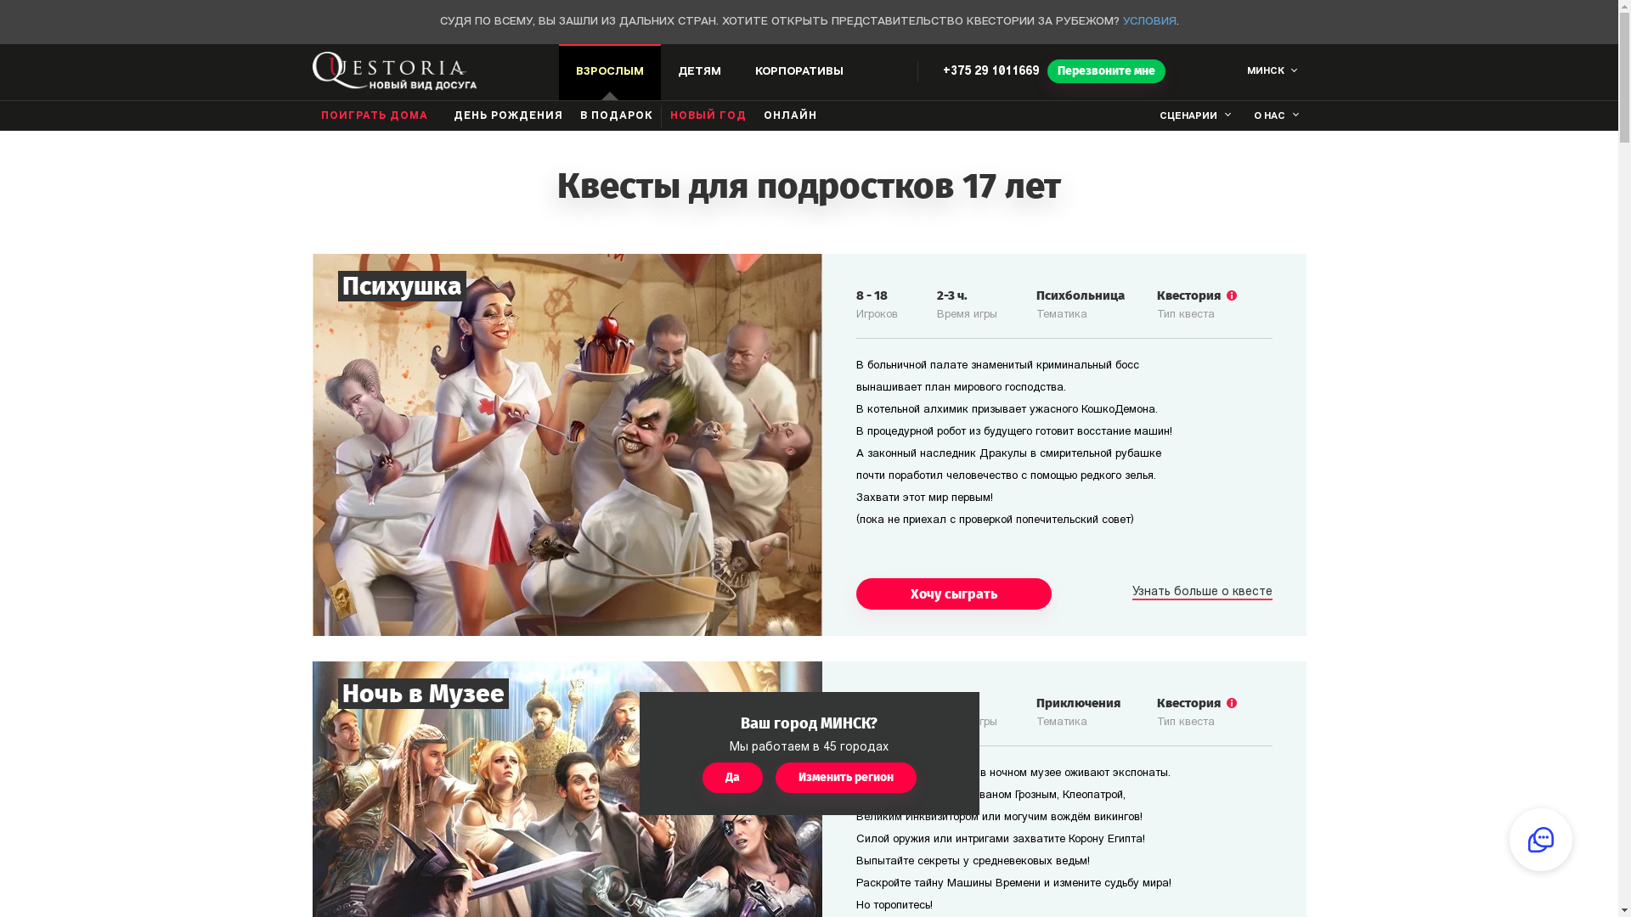 This screenshot has width=1631, height=917. Describe the element at coordinates (990, 70) in the screenshot. I see `'+375 29 1011669'` at that location.